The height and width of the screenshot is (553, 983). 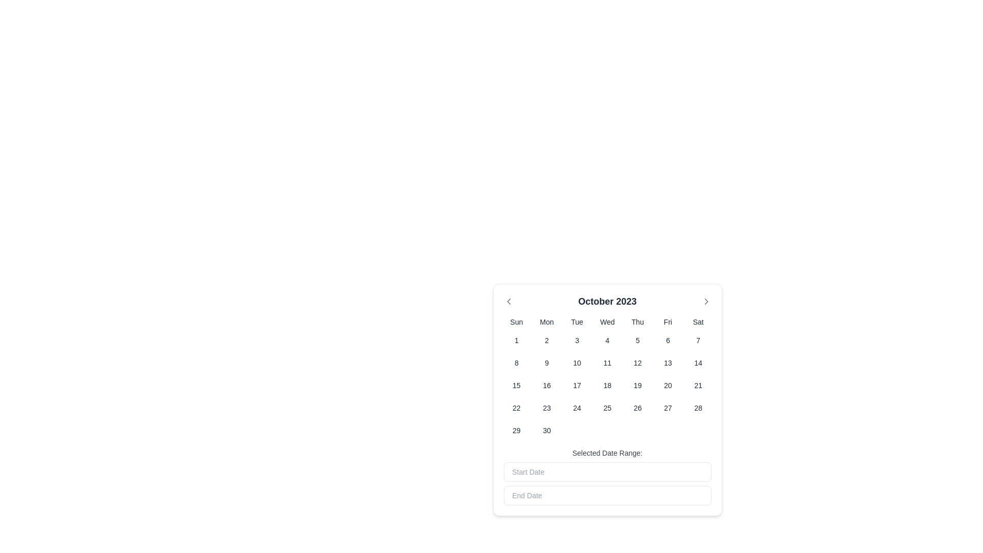 What do you see at coordinates (577, 385) in the screenshot?
I see `the selectable day button labeled '17'` at bounding box center [577, 385].